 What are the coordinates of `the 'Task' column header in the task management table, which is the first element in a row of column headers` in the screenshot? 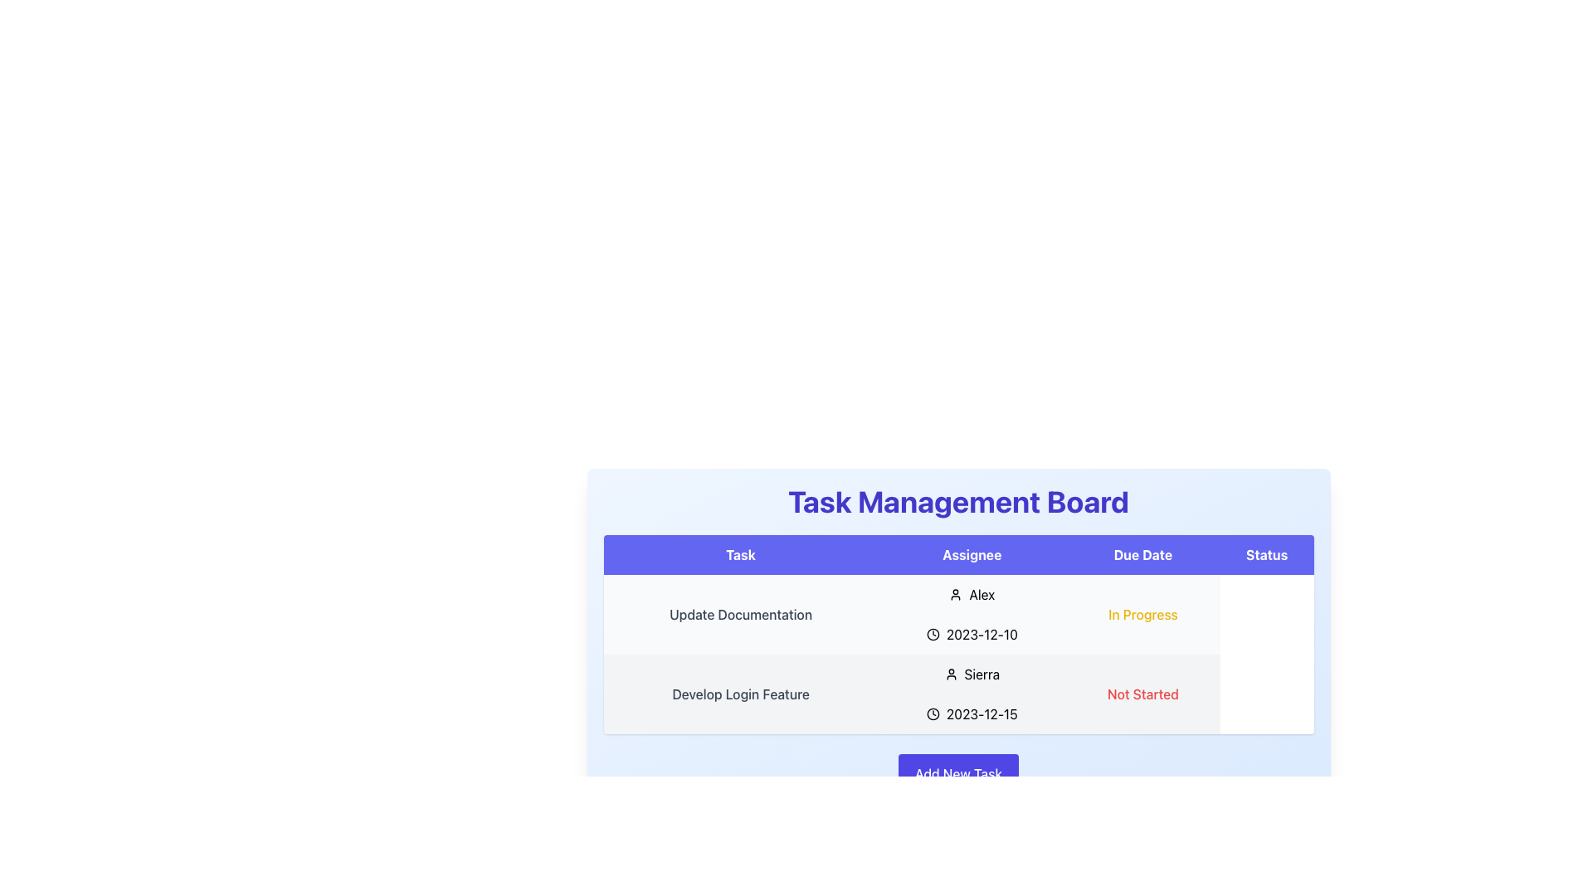 It's located at (739, 554).